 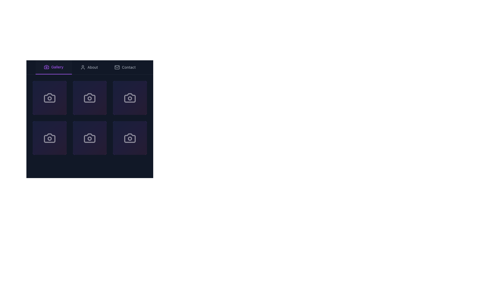 What do you see at coordinates (130, 138) in the screenshot?
I see `the square tile featuring a white camera icon with a circular lens, located at the bottom-right corner of the second row in the grid` at bounding box center [130, 138].